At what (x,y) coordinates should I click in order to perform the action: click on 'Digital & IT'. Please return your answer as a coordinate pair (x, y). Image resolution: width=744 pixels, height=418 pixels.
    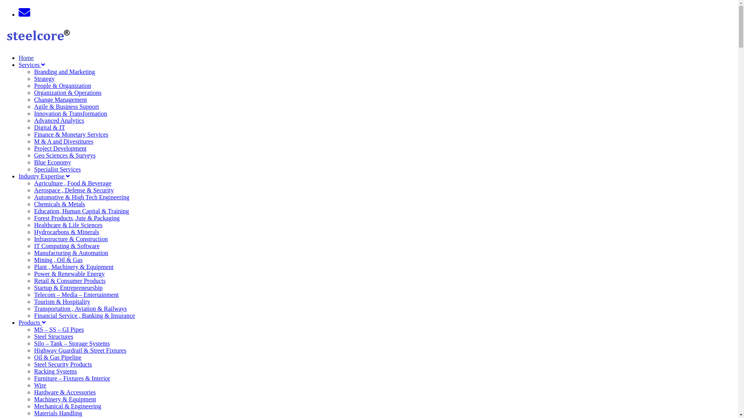
    Looking at the image, I should click on (49, 127).